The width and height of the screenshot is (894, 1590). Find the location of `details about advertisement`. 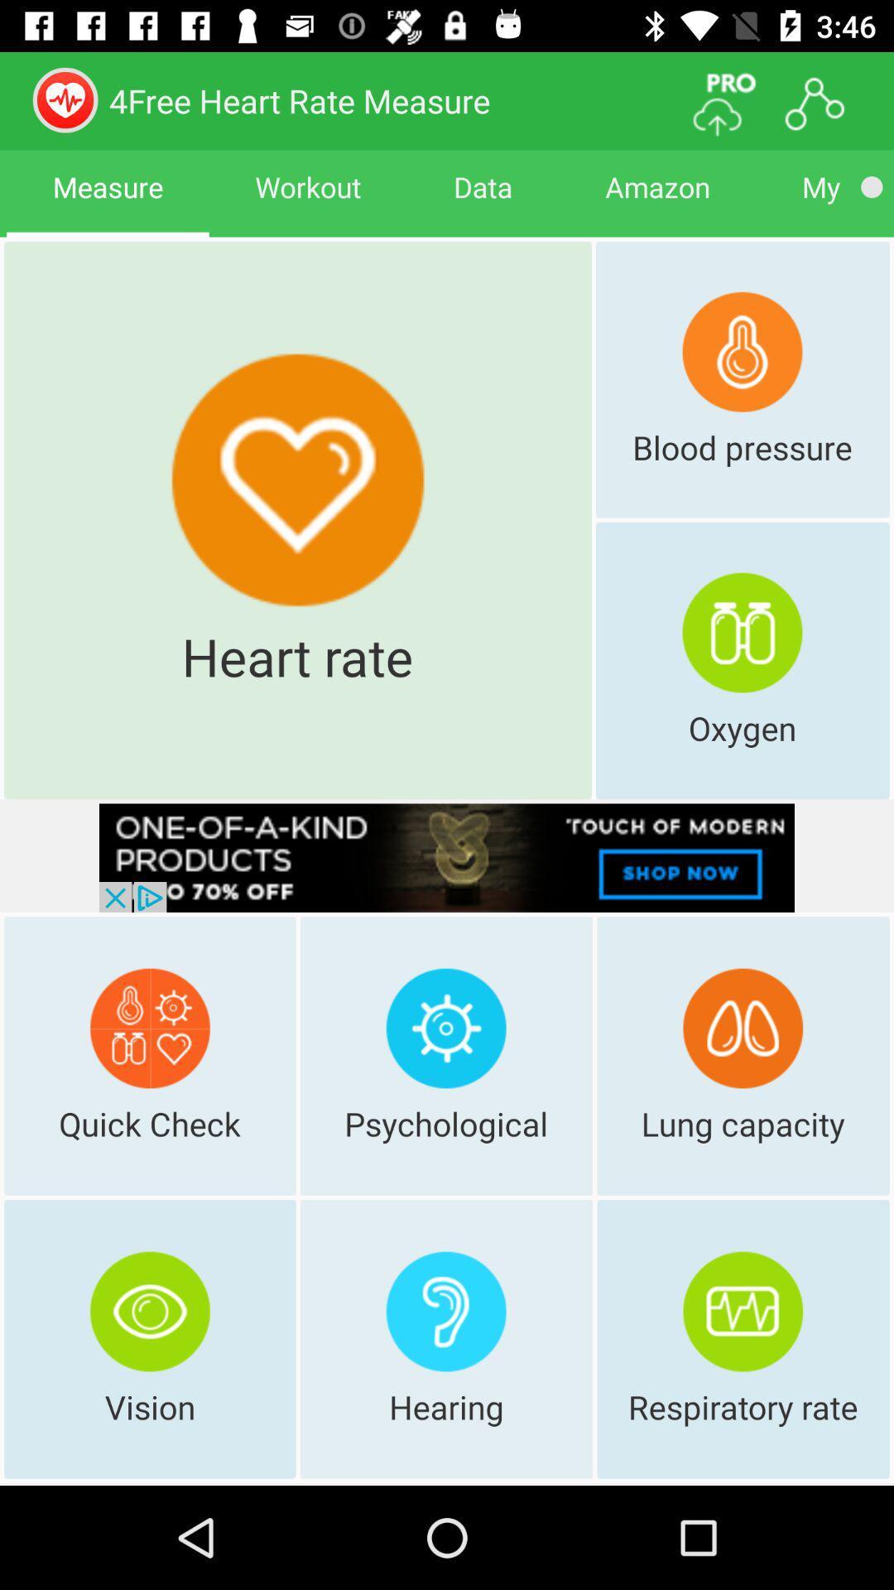

details about advertisement is located at coordinates (447, 858).